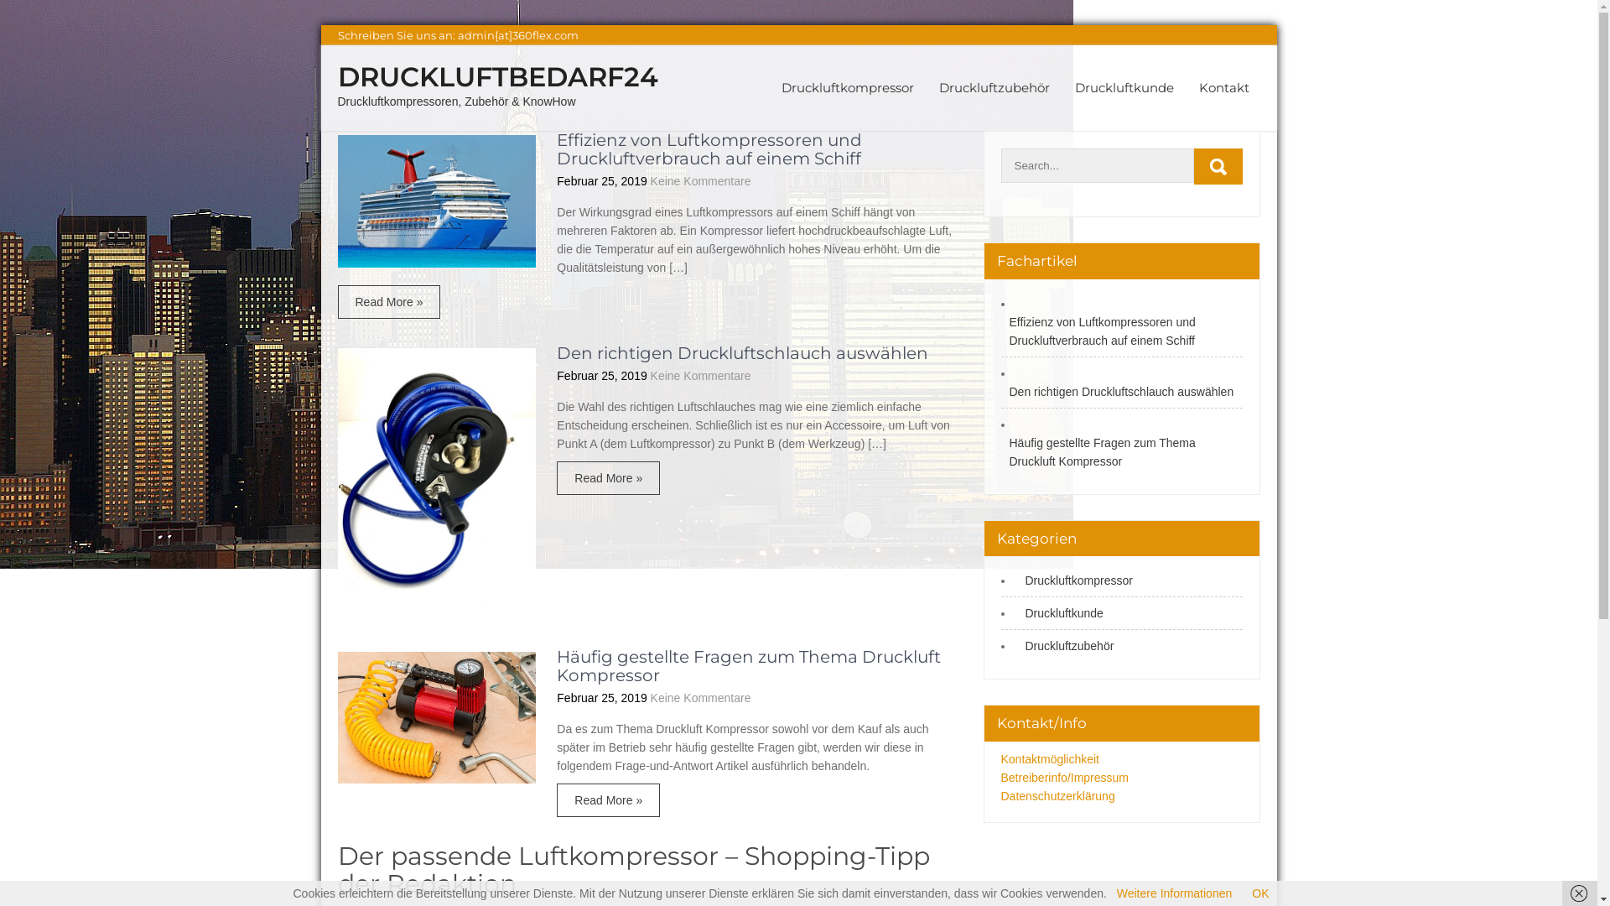 This screenshot has height=906, width=1610. I want to click on 'DRUCKLUFTBEDARF24', so click(496, 76).